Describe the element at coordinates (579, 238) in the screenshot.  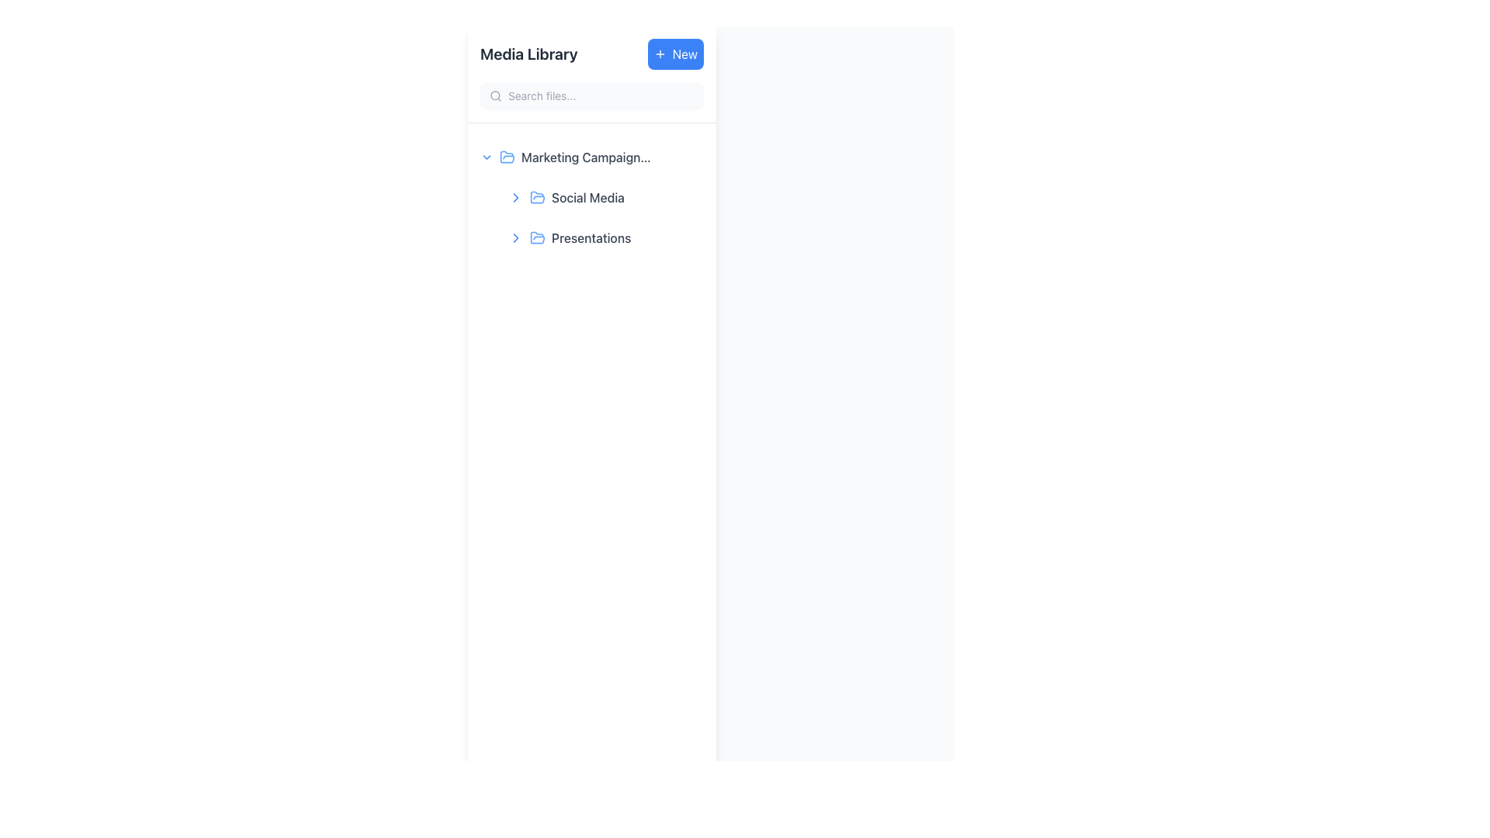
I see `the 'Presentations' text label` at that location.